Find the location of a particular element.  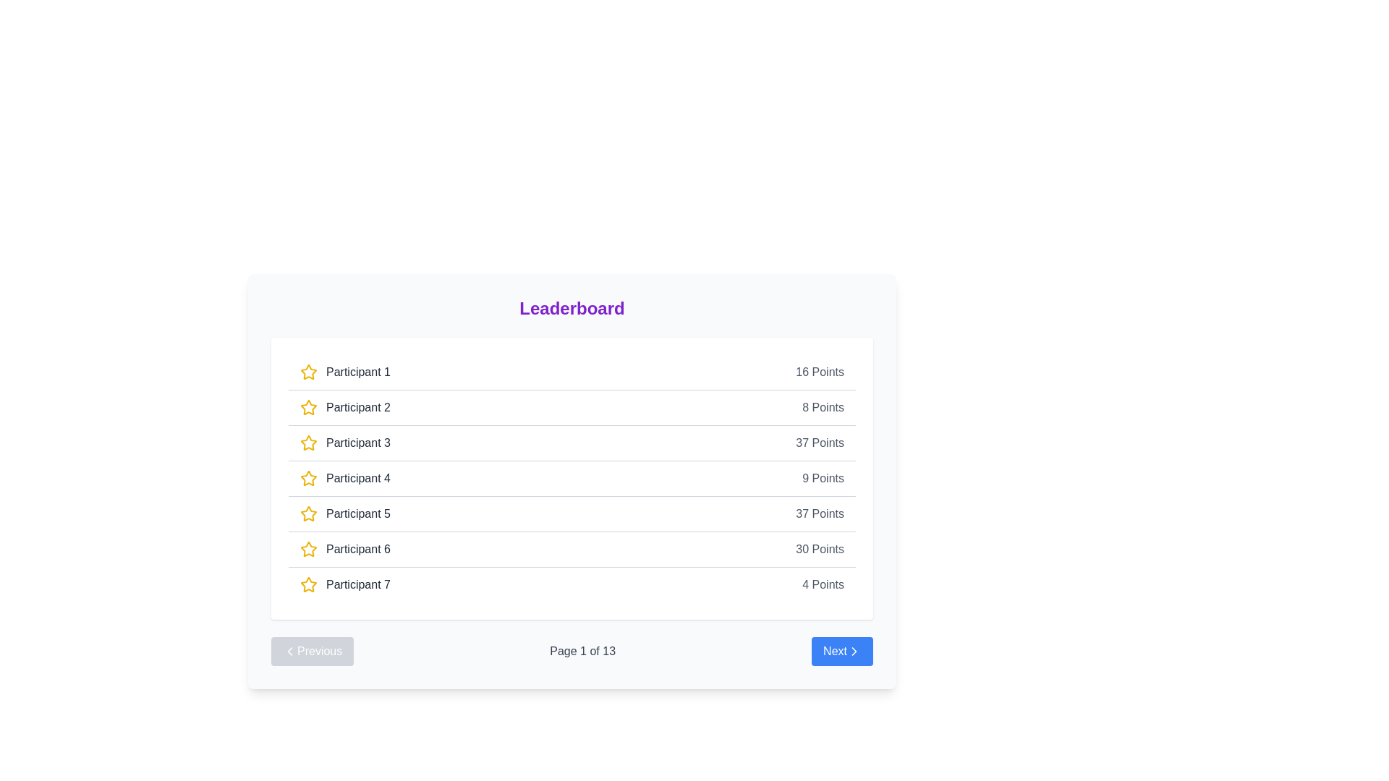

the text label displaying the score for 'Participant 3' on the leaderboard, located on the far right of the row is located at coordinates (820, 443).